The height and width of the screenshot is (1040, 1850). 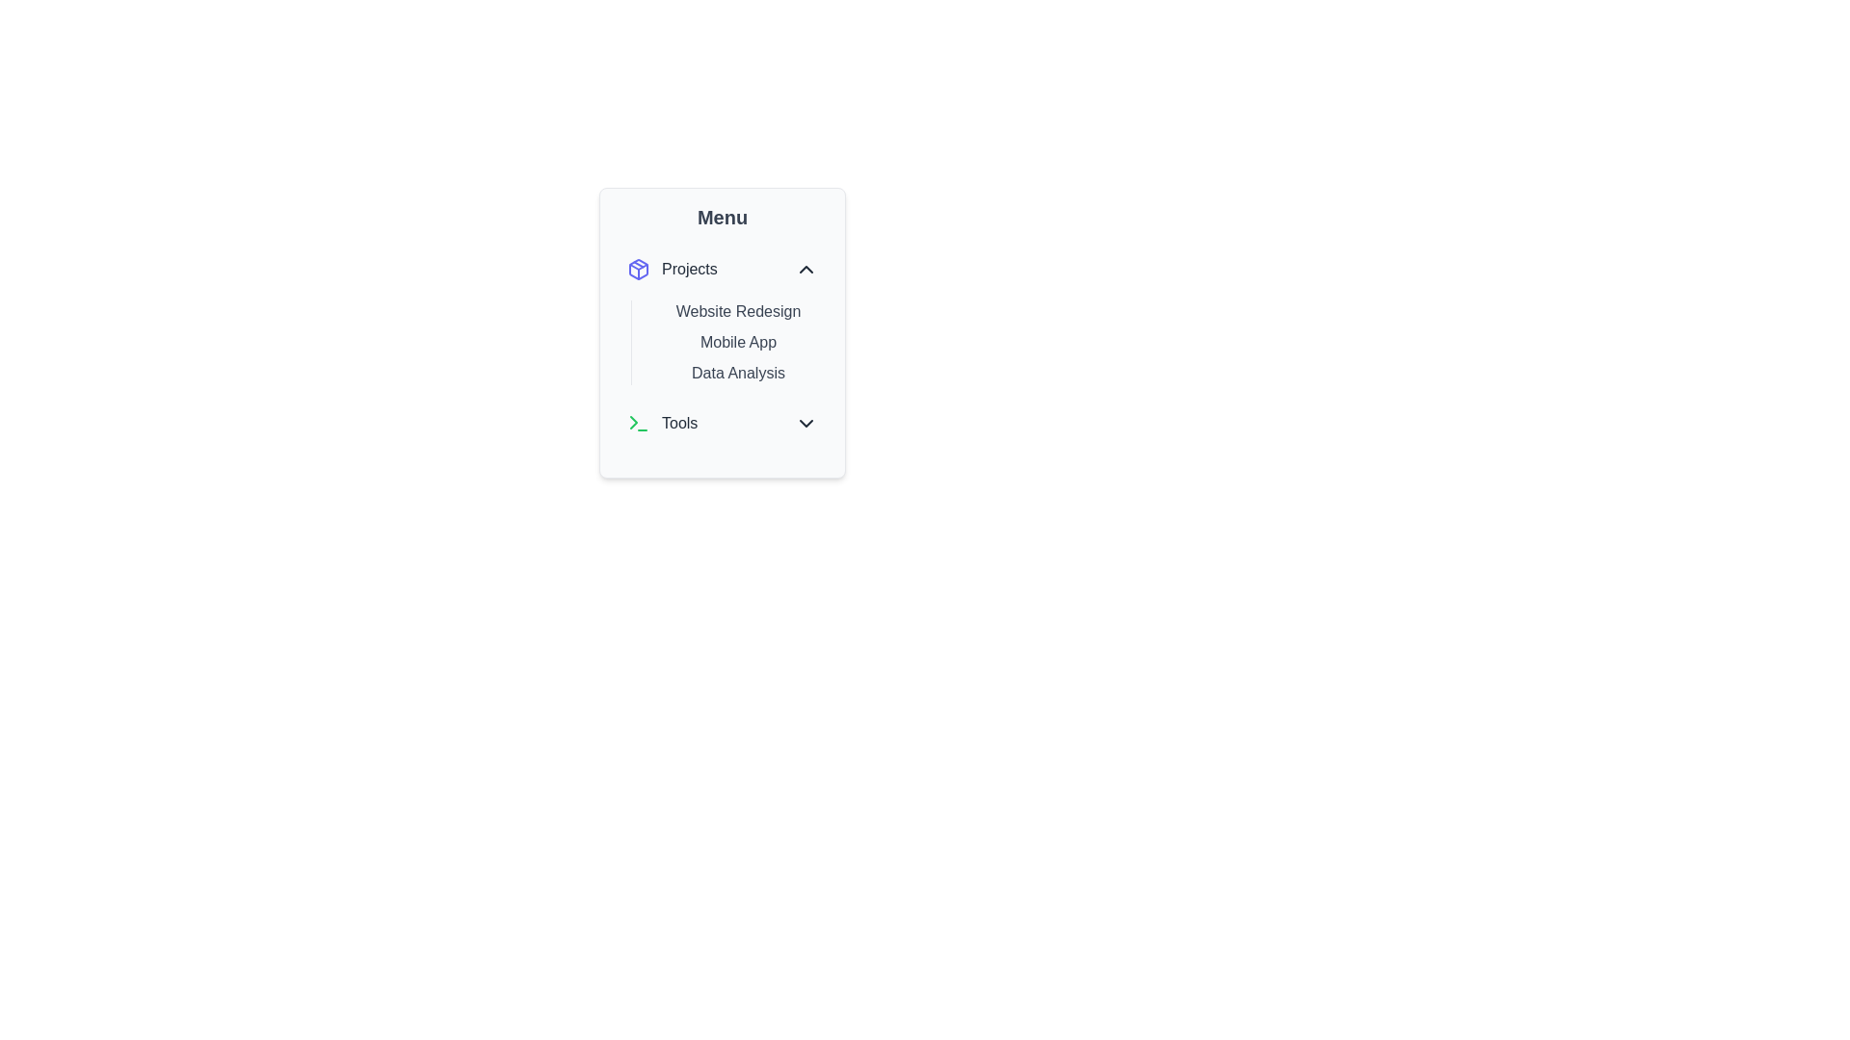 I want to click on the downward-pointing chevron icon with a thin, black outline located to the right of the 'Tools' text in the menu section at the bottom of the list, so click(x=806, y=422).